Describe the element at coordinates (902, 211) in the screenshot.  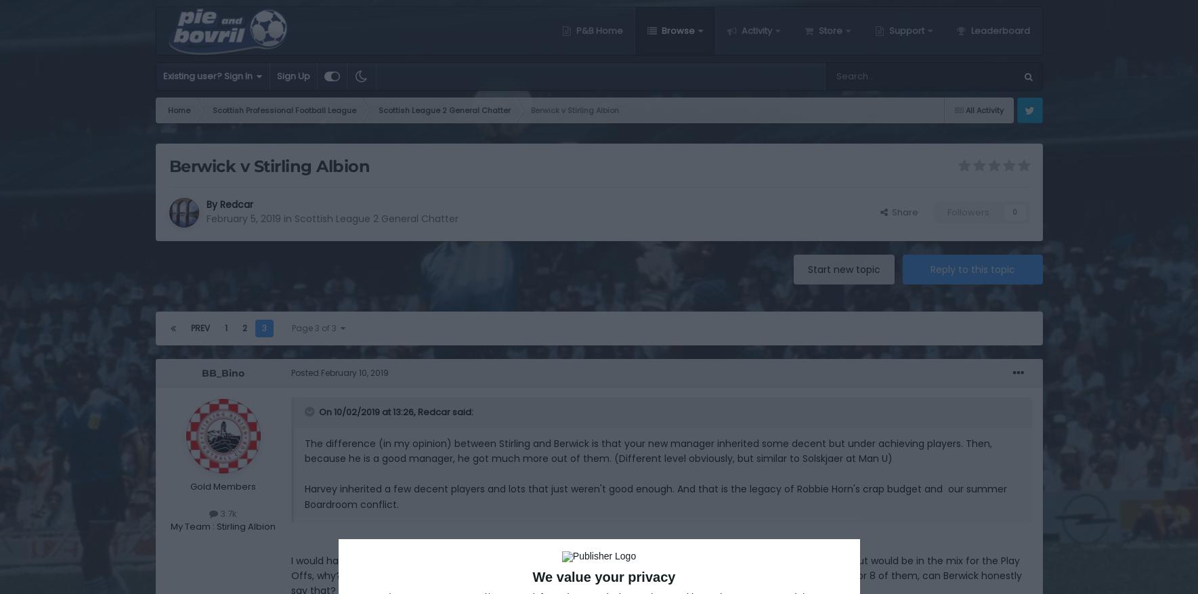
I see `'Share'` at that location.